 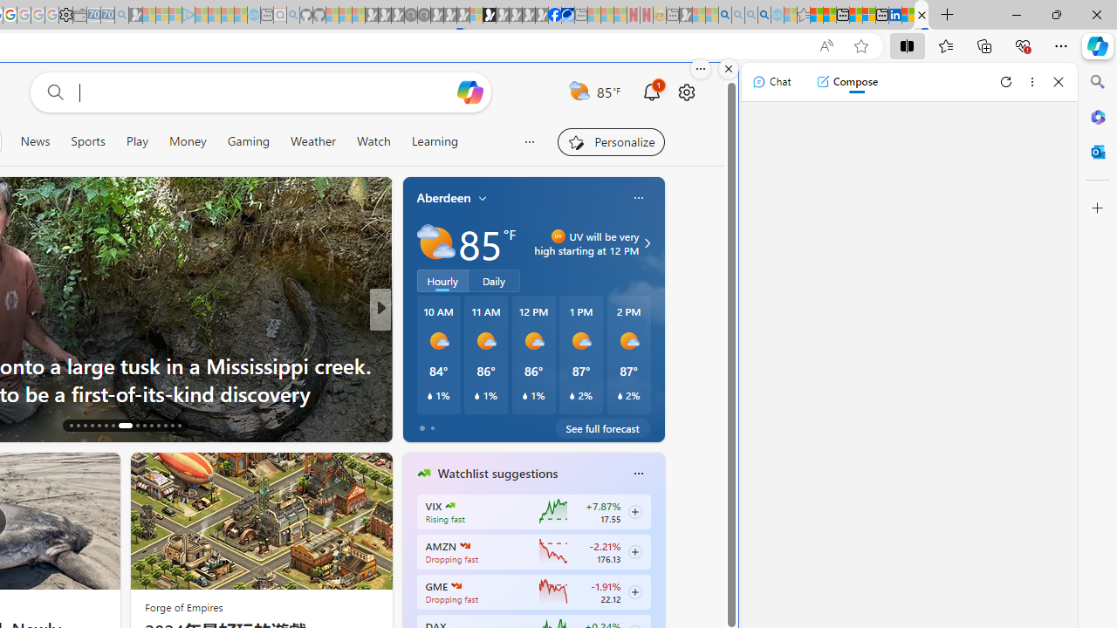 I want to click on 'Web search', so click(x=52, y=92).